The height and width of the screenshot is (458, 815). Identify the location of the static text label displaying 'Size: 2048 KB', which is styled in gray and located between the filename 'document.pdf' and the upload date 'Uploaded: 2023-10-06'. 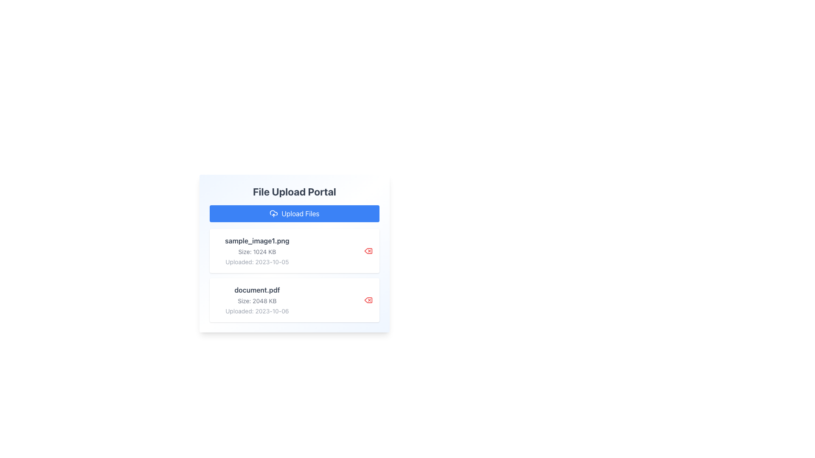
(256, 300).